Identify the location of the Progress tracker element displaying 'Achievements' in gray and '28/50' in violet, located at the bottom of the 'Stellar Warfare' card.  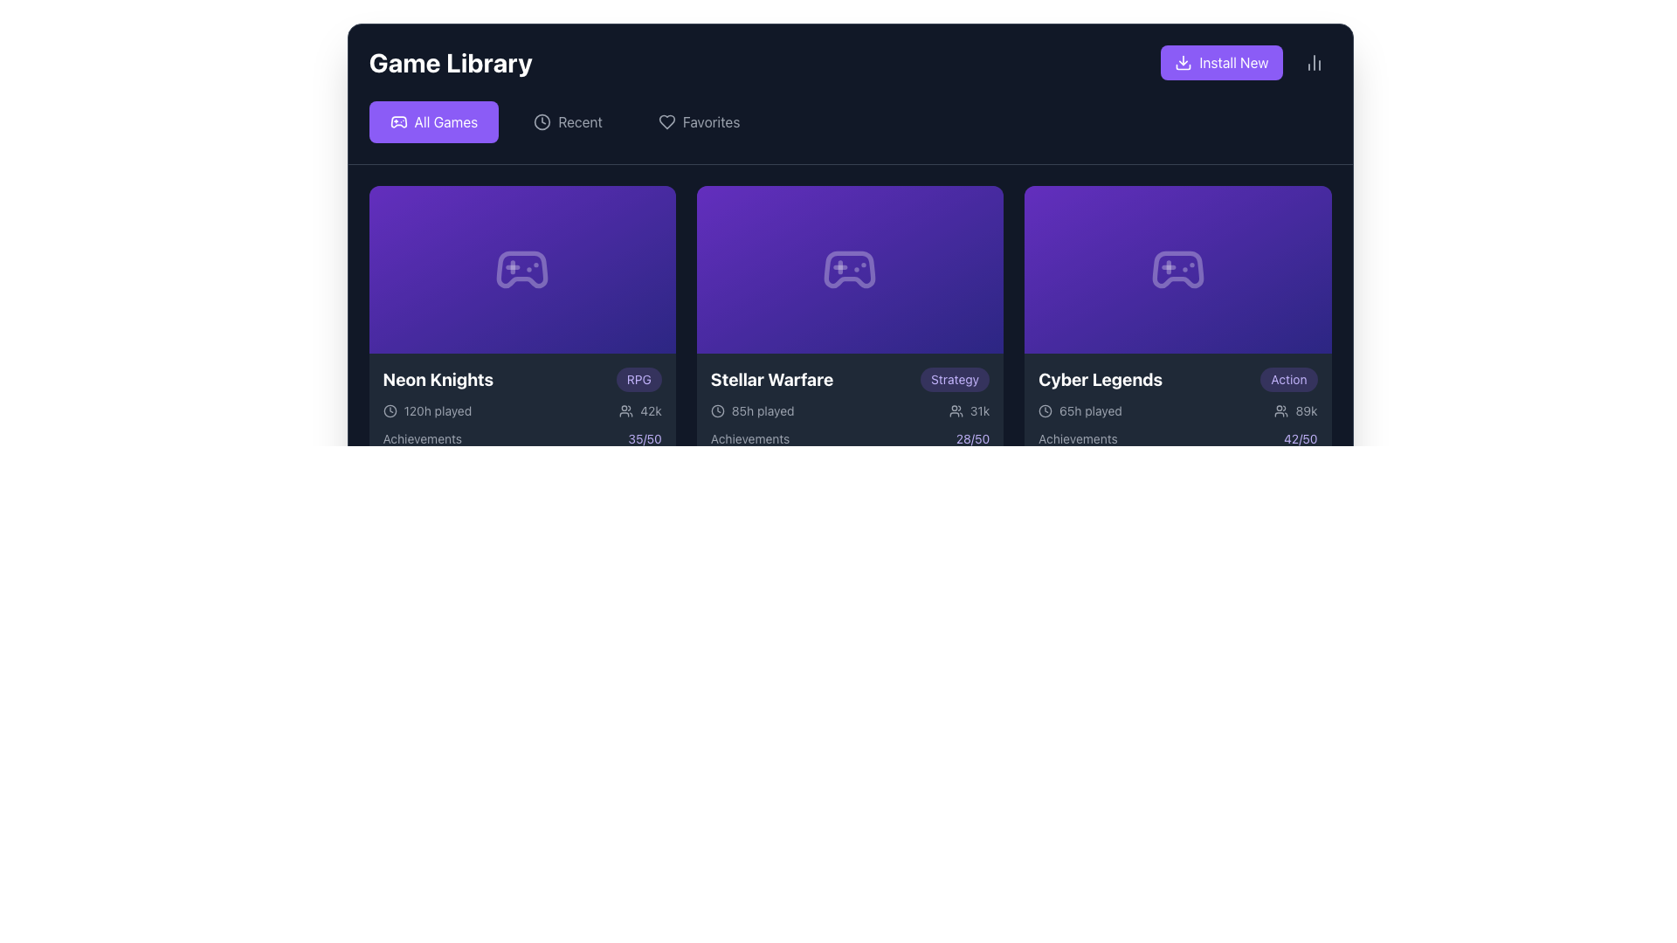
(850, 444).